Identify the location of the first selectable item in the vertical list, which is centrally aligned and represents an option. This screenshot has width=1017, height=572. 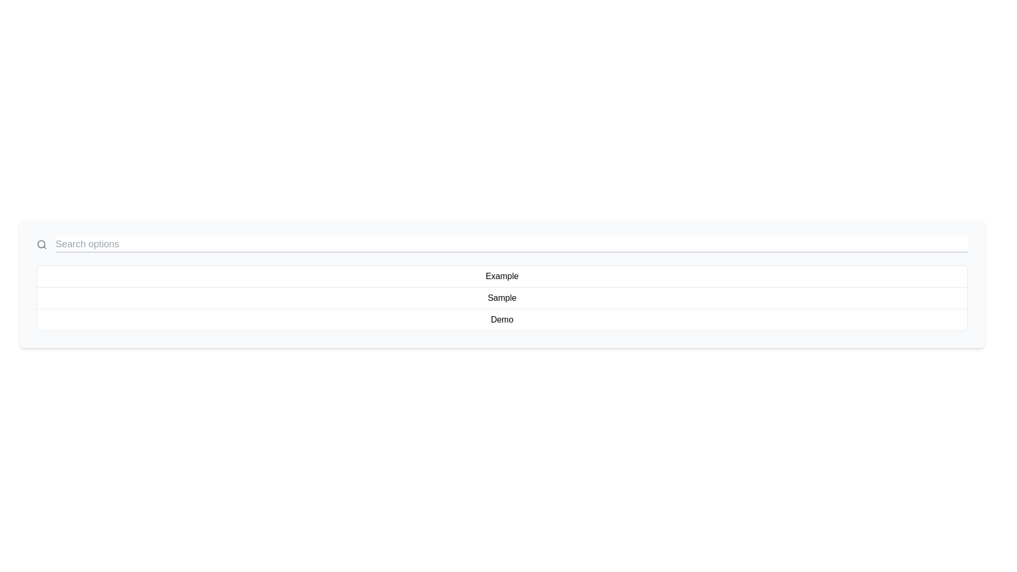
(502, 275).